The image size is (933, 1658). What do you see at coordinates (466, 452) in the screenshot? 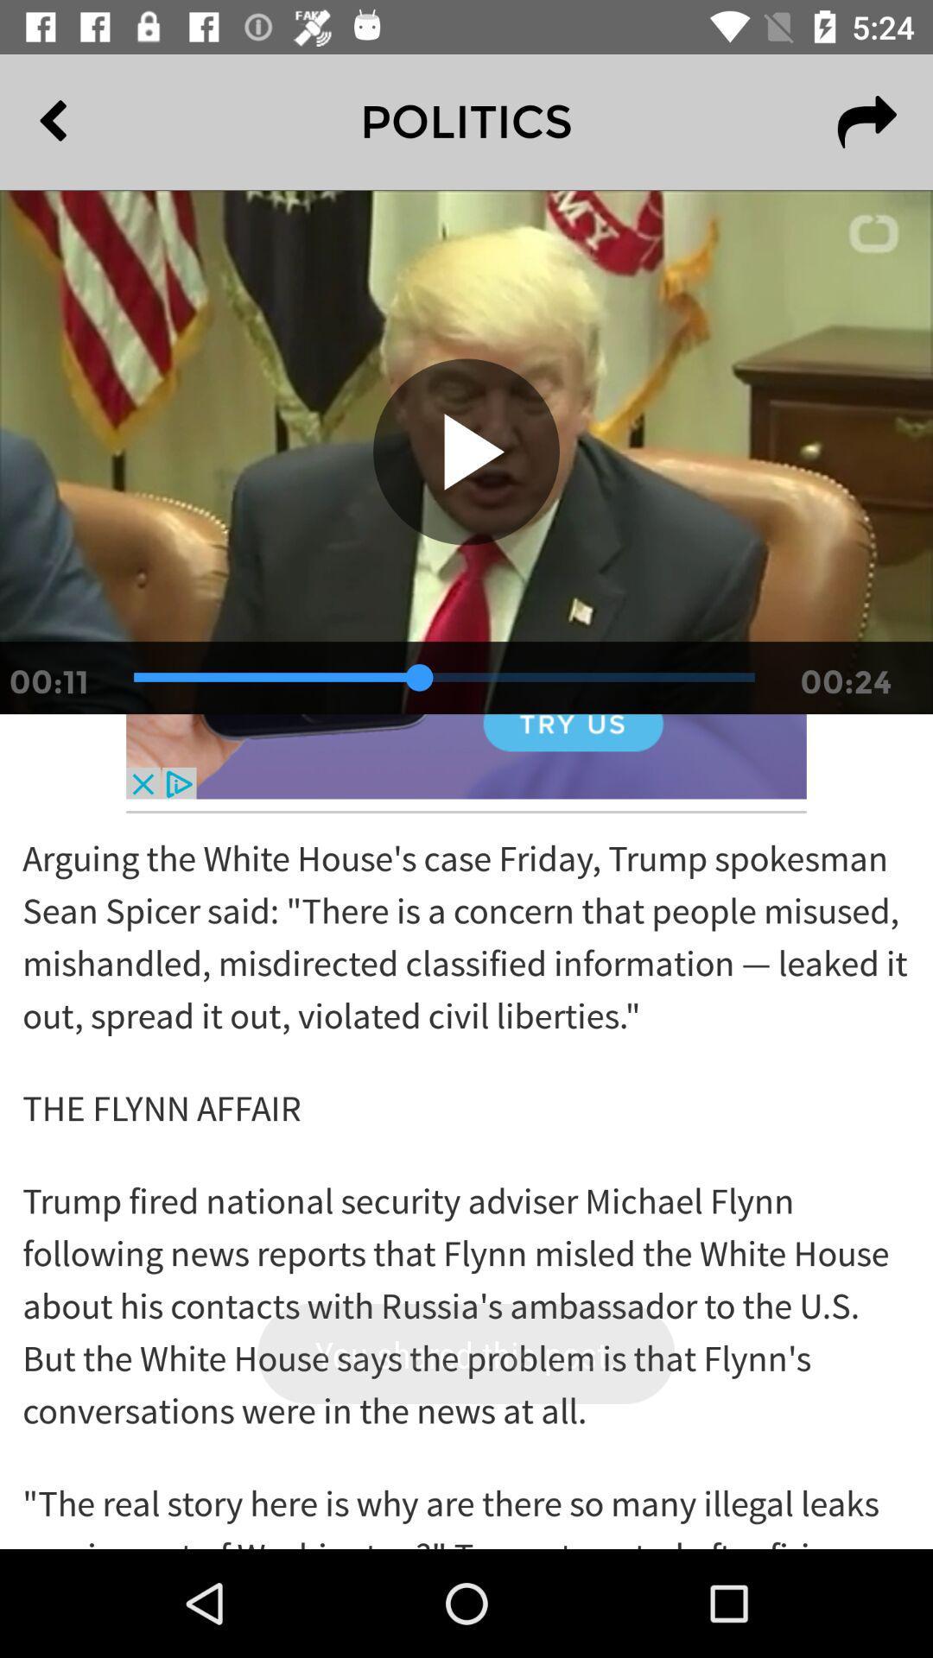
I see `play icon on the video below politics` at bounding box center [466, 452].